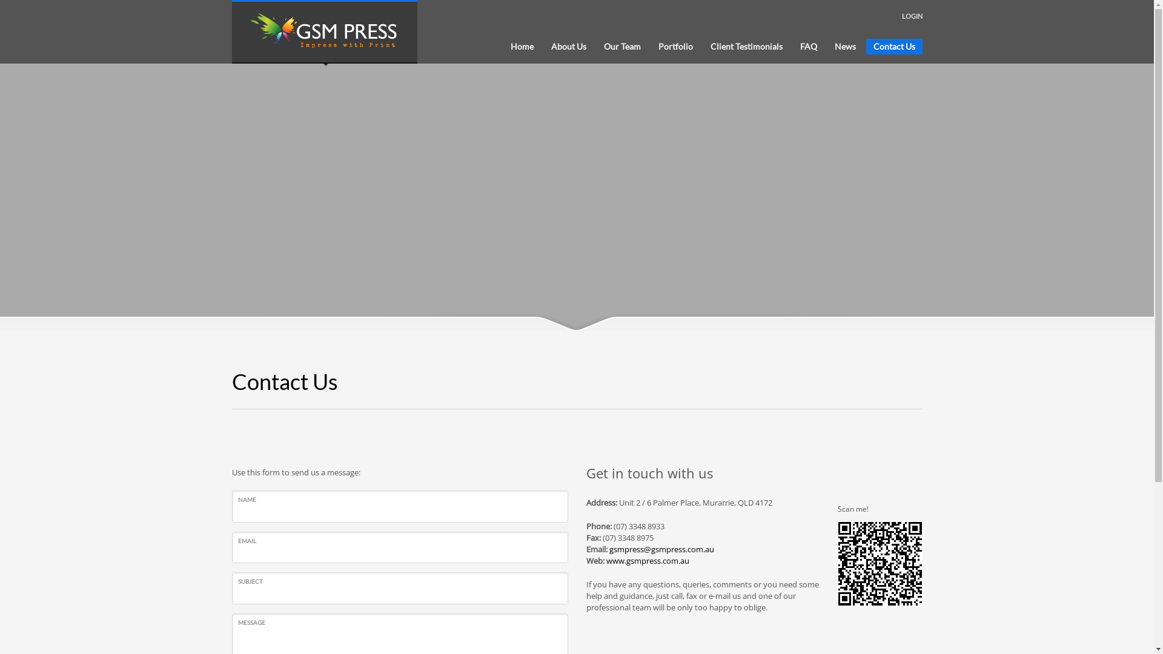 This screenshot has height=654, width=1163. Describe the element at coordinates (543, 46) in the screenshot. I see `'About Us'` at that location.